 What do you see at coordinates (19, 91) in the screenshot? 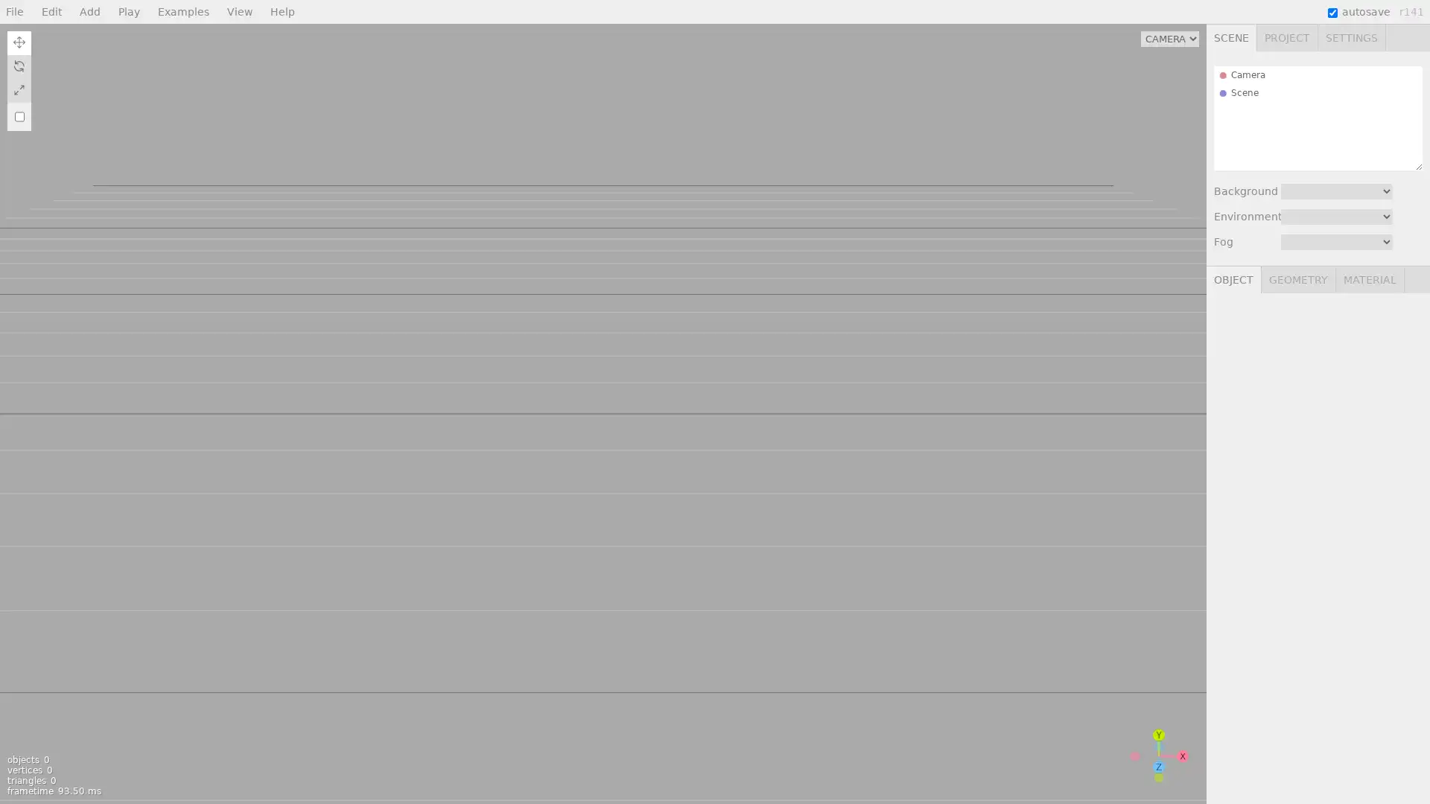
I see `Scale` at bounding box center [19, 91].